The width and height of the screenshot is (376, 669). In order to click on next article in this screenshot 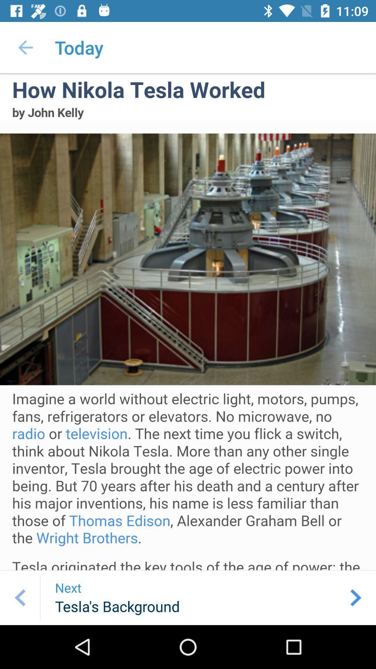, I will do `click(356, 597)`.